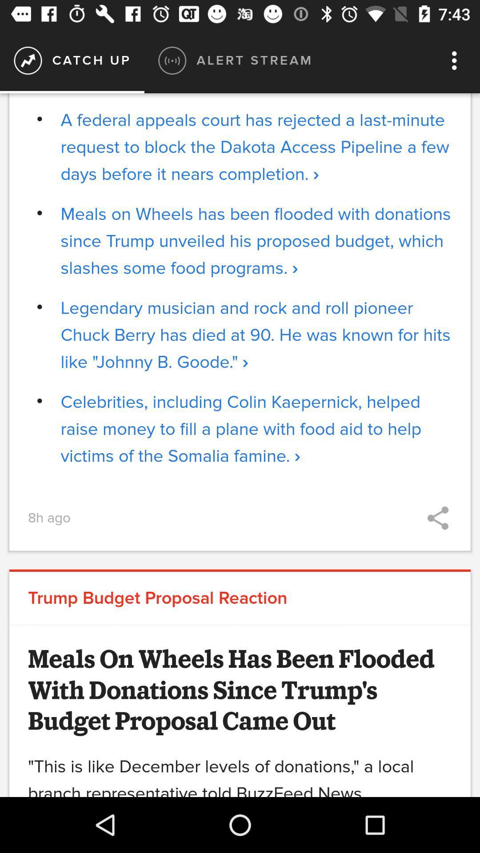 This screenshot has width=480, height=853. What do you see at coordinates (256, 335) in the screenshot?
I see `the icon below the meals on wheels icon` at bounding box center [256, 335].